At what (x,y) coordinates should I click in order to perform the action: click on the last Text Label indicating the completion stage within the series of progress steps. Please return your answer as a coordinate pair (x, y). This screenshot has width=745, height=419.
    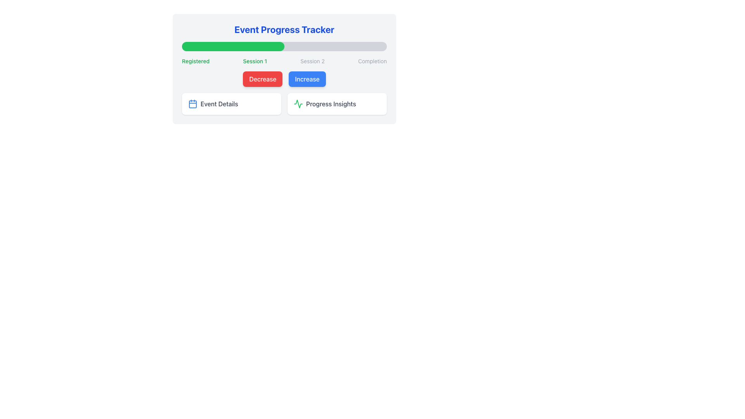
    Looking at the image, I should click on (372, 61).